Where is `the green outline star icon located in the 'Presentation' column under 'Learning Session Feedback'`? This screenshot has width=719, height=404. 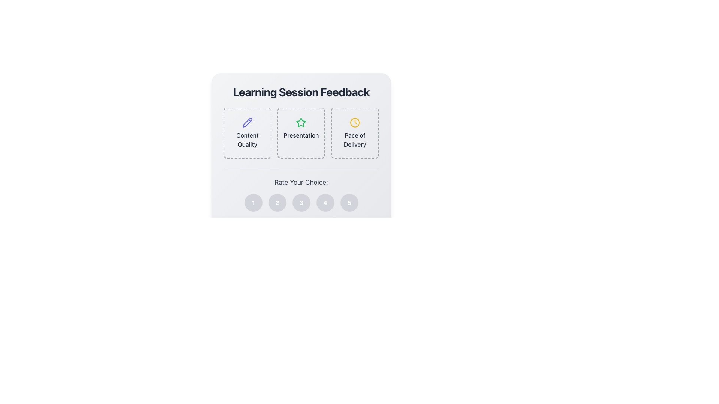 the green outline star icon located in the 'Presentation' column under 'Learning Session Feedback' is located at coordinates (301, 122).